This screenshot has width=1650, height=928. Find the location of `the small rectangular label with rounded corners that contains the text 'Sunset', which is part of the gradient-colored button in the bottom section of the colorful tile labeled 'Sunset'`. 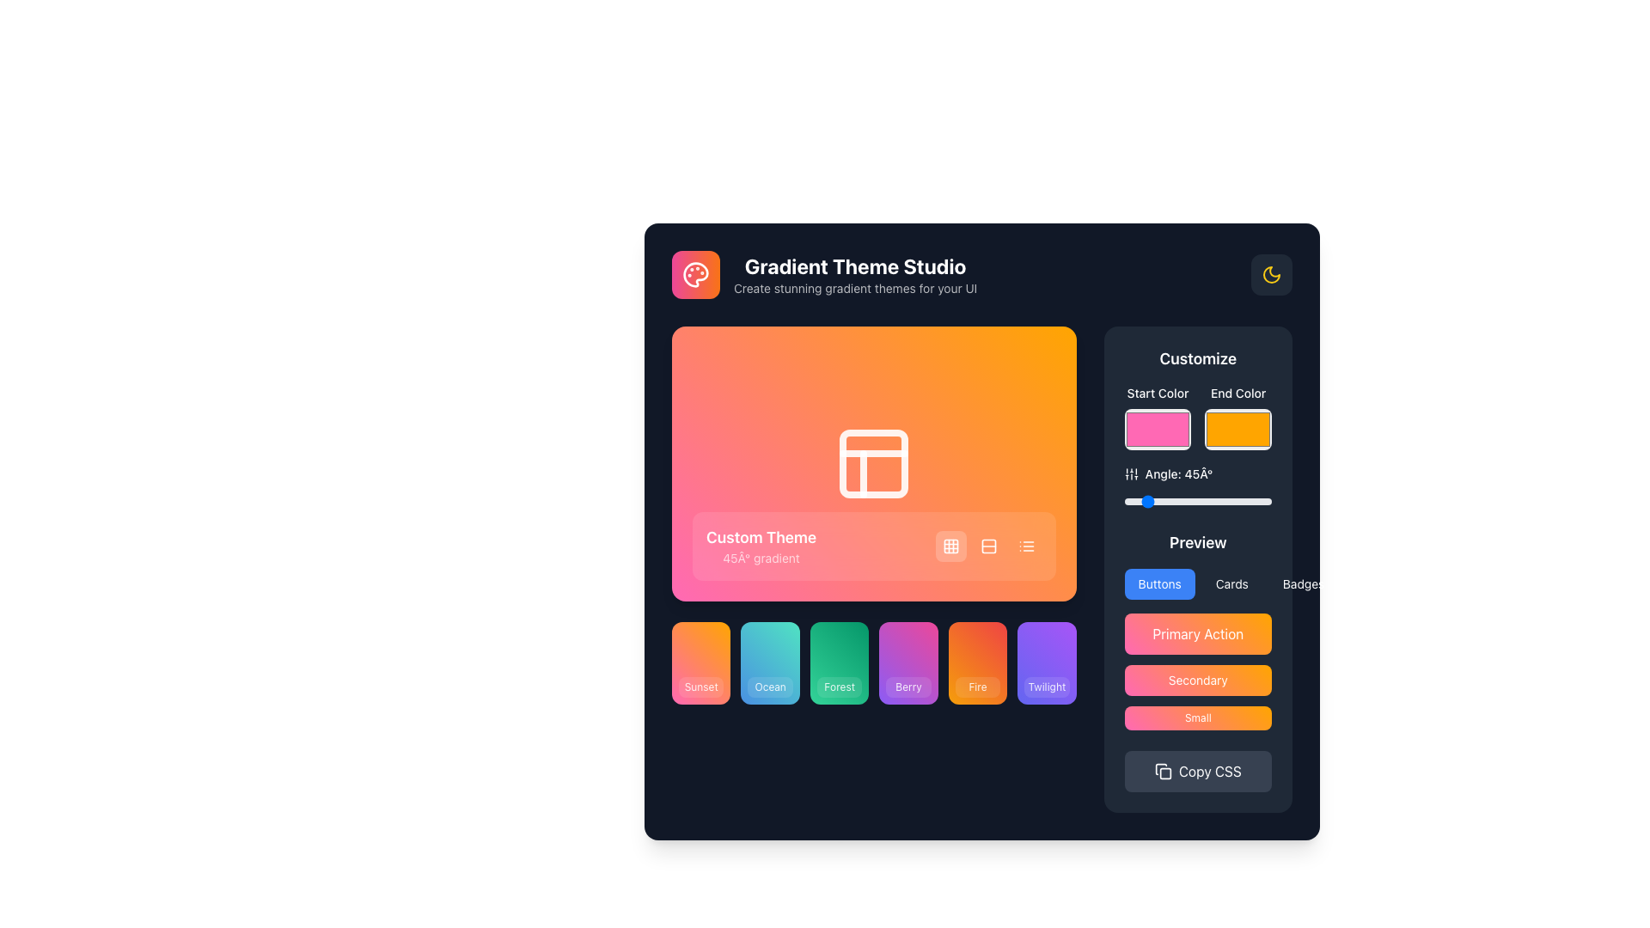

the small rectangular label with rounded corners that contains the text 'Sunset', which is part of the gradient-colored button in the bottom section of the colorful tile labeled 'Sunset' is located at coordinates (701, 686).